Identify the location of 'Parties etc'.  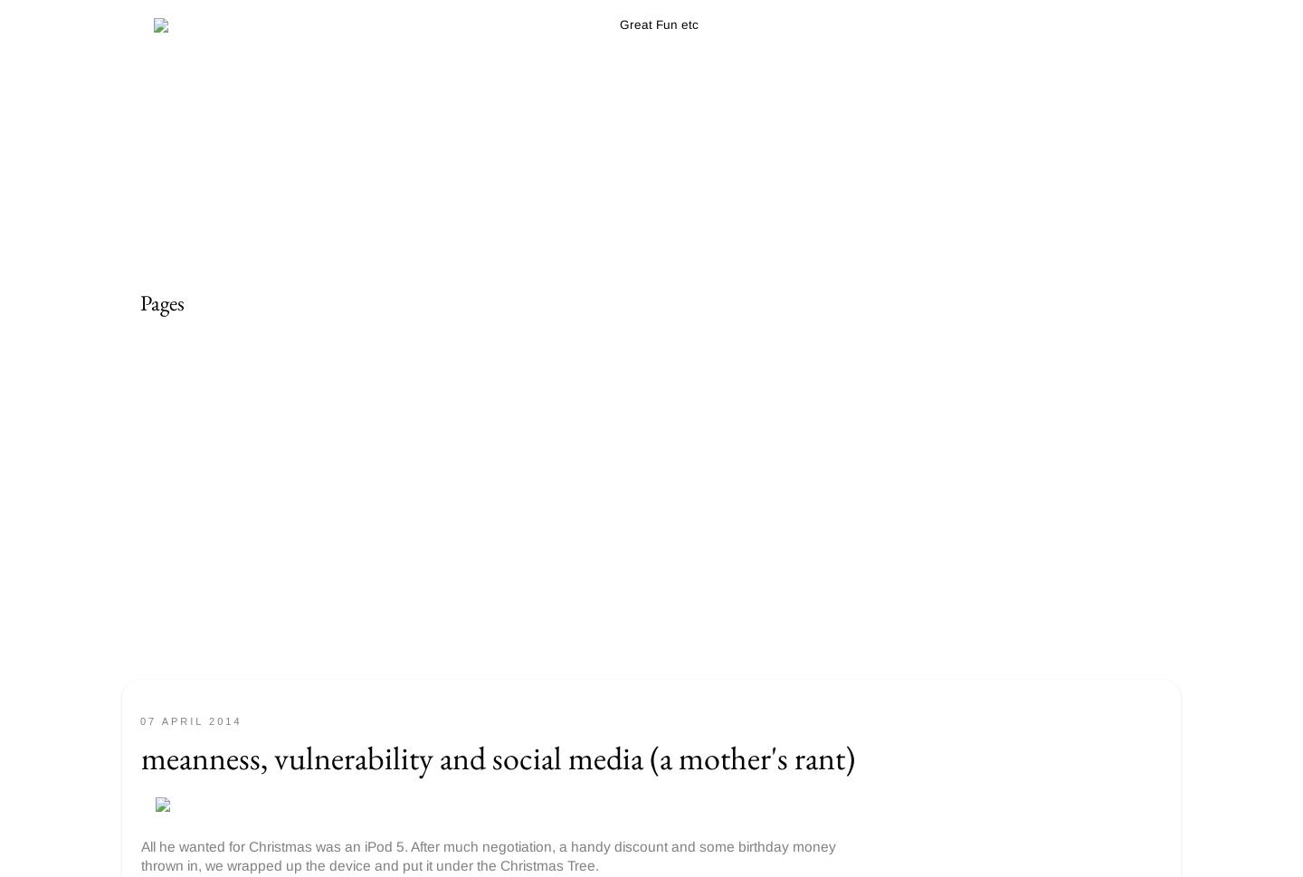
(180, 436).